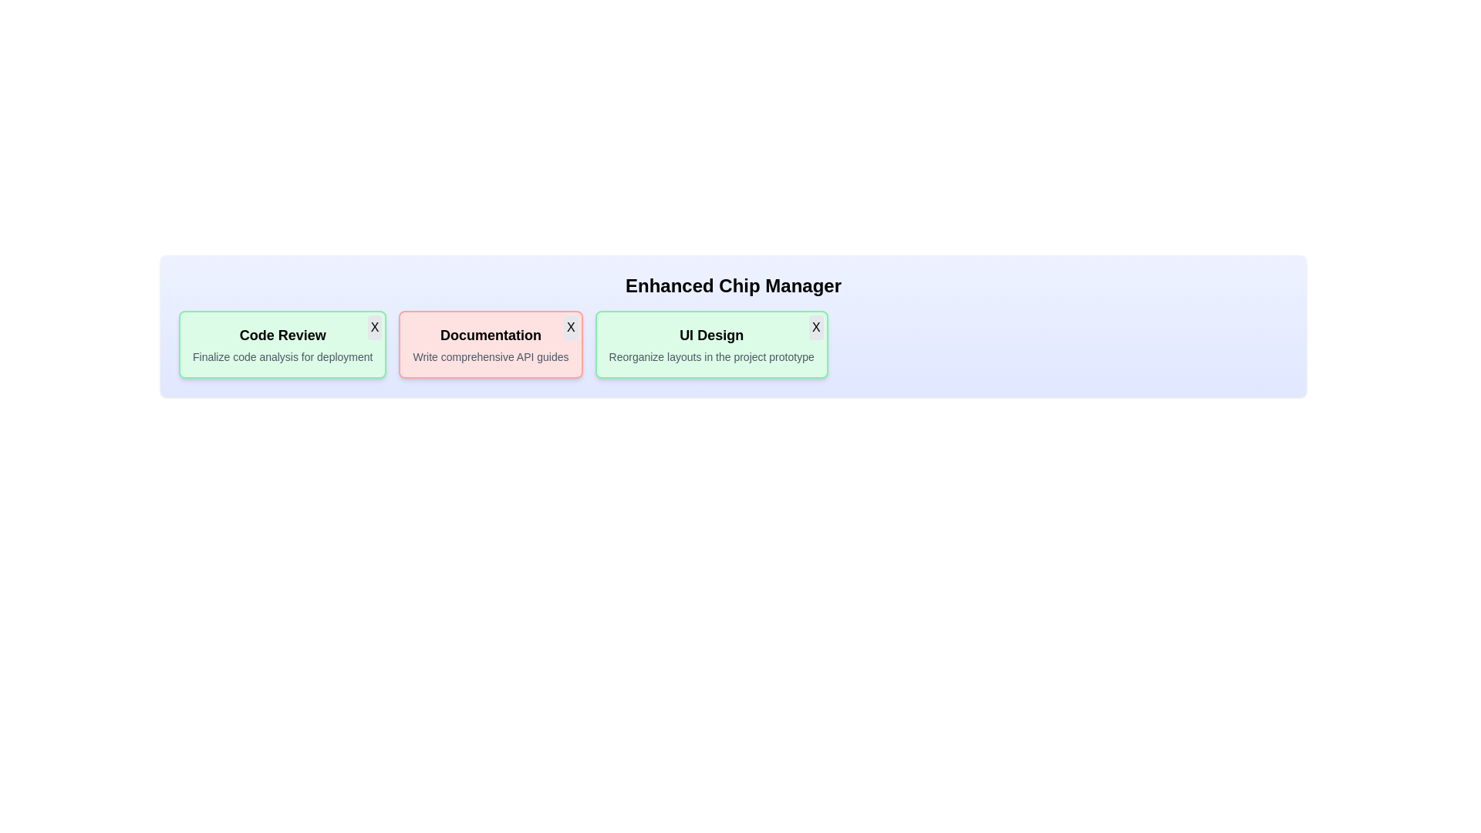  I want to click on the chip labeled Documentation, so click(490, 344).